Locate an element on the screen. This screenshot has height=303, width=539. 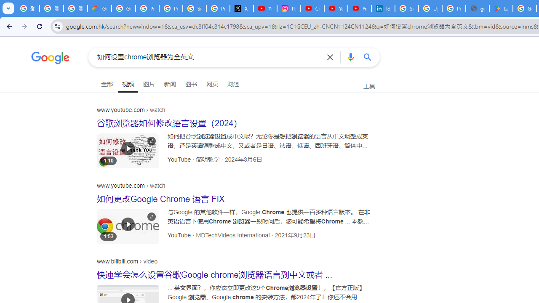
'Last Shelter: Survival - Apps on Google Play' is located at coordinates (501, 8).